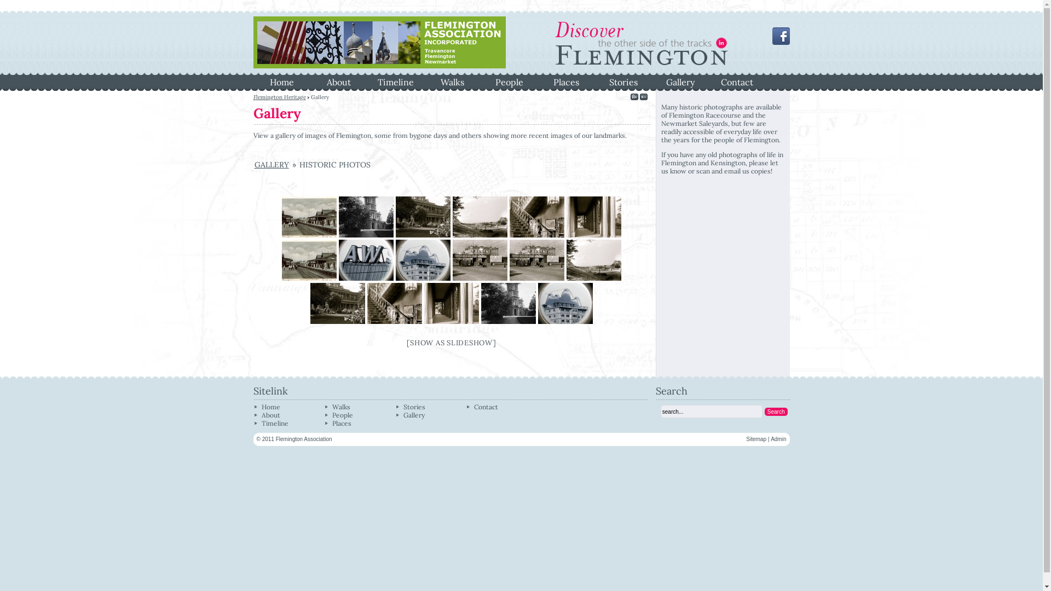 This screenshot has width=1051, height=591. Describe the element at coordinates (340, 407) in the screenshot. I see `'Walks'` at that location.